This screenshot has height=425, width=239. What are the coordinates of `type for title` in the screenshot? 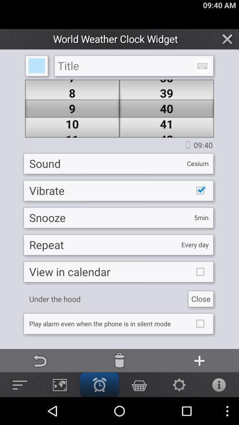 It's located at (133, 66).